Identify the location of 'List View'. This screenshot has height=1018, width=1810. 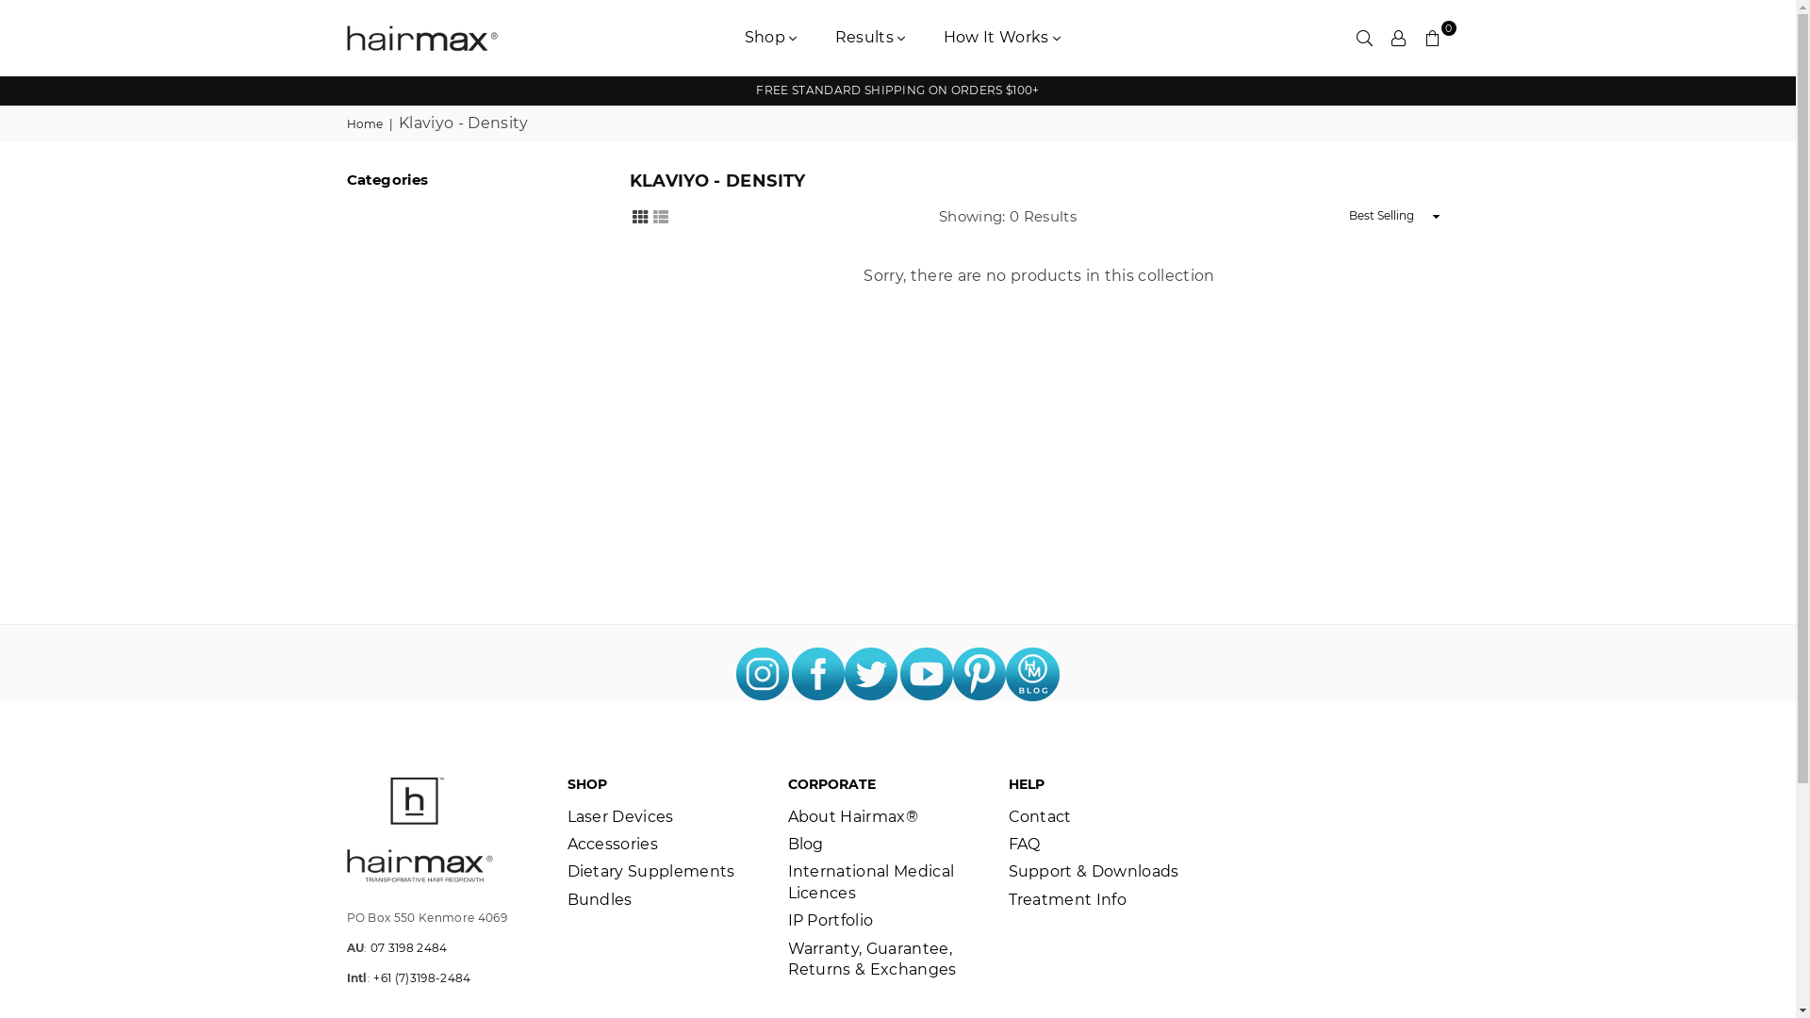
(660, 213).